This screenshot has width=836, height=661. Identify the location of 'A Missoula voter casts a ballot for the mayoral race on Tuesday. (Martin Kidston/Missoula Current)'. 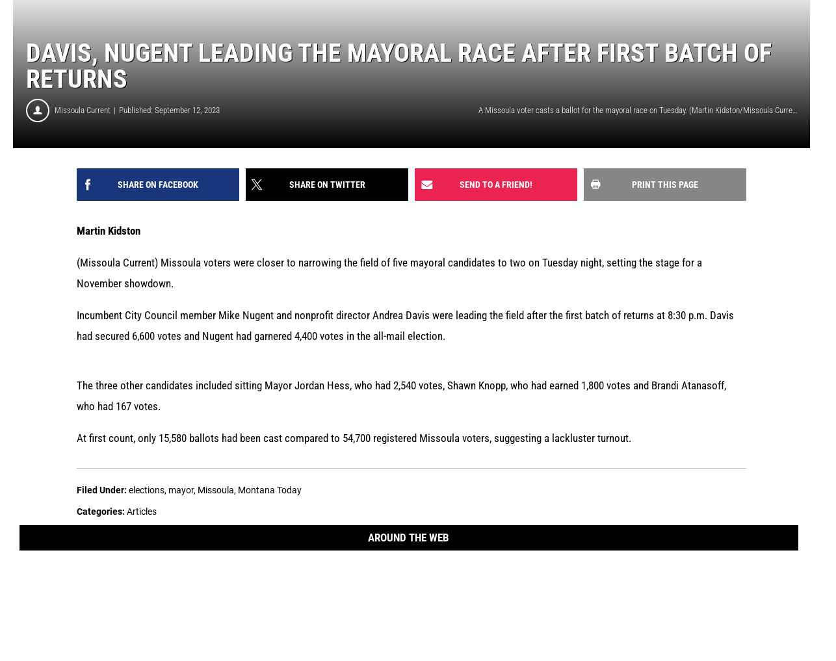
(477, 109).